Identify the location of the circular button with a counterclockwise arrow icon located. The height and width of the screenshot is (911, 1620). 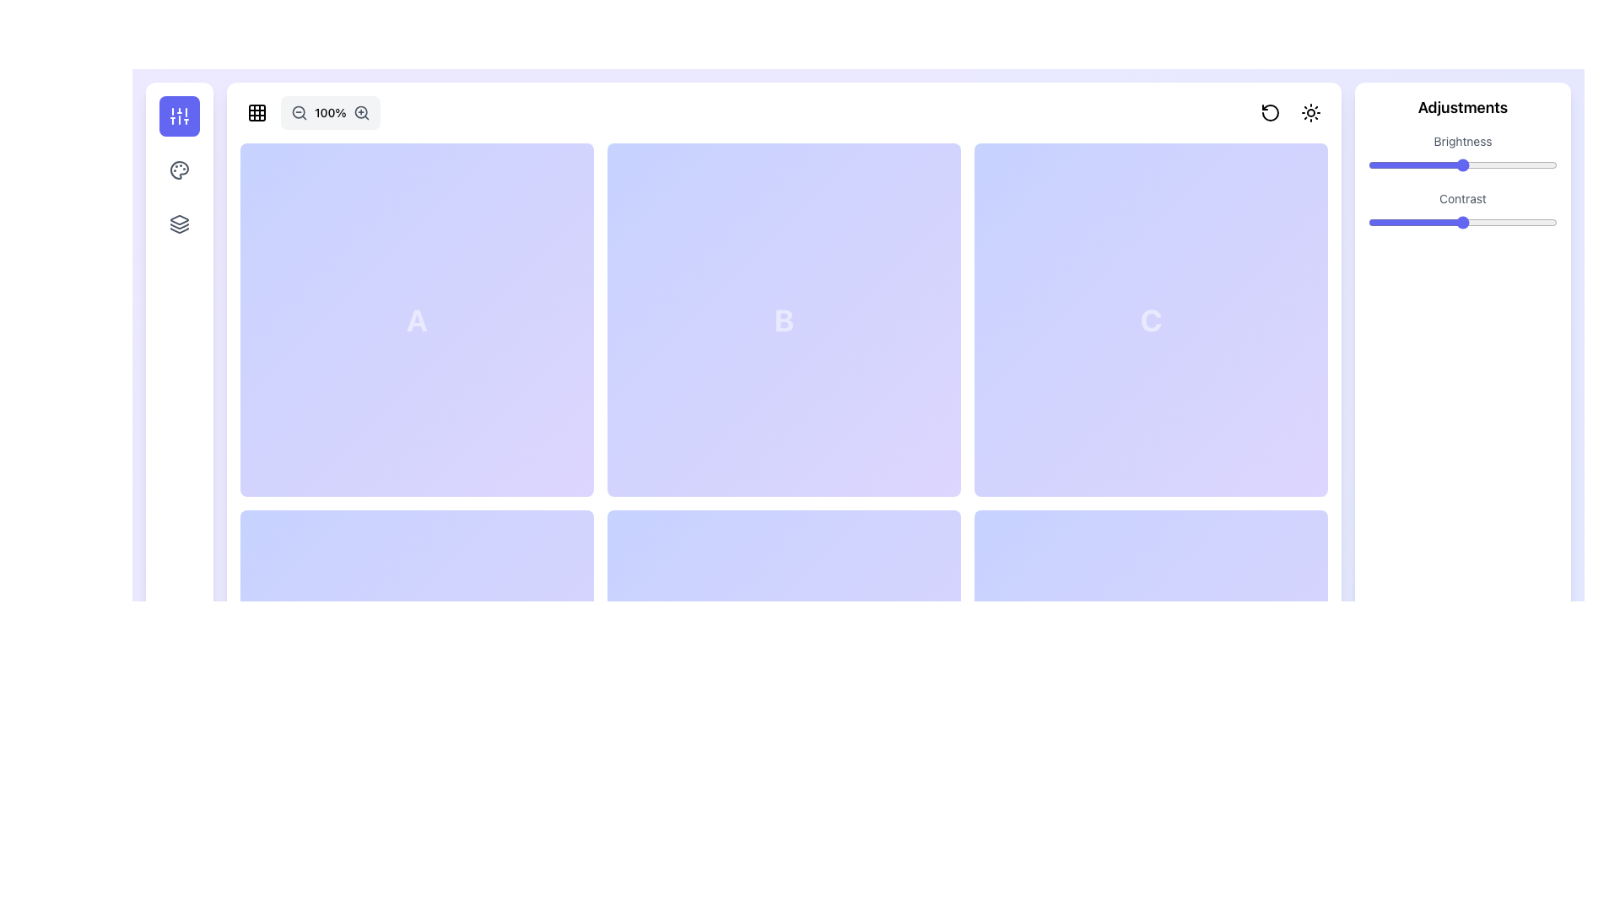
(1271, 113).